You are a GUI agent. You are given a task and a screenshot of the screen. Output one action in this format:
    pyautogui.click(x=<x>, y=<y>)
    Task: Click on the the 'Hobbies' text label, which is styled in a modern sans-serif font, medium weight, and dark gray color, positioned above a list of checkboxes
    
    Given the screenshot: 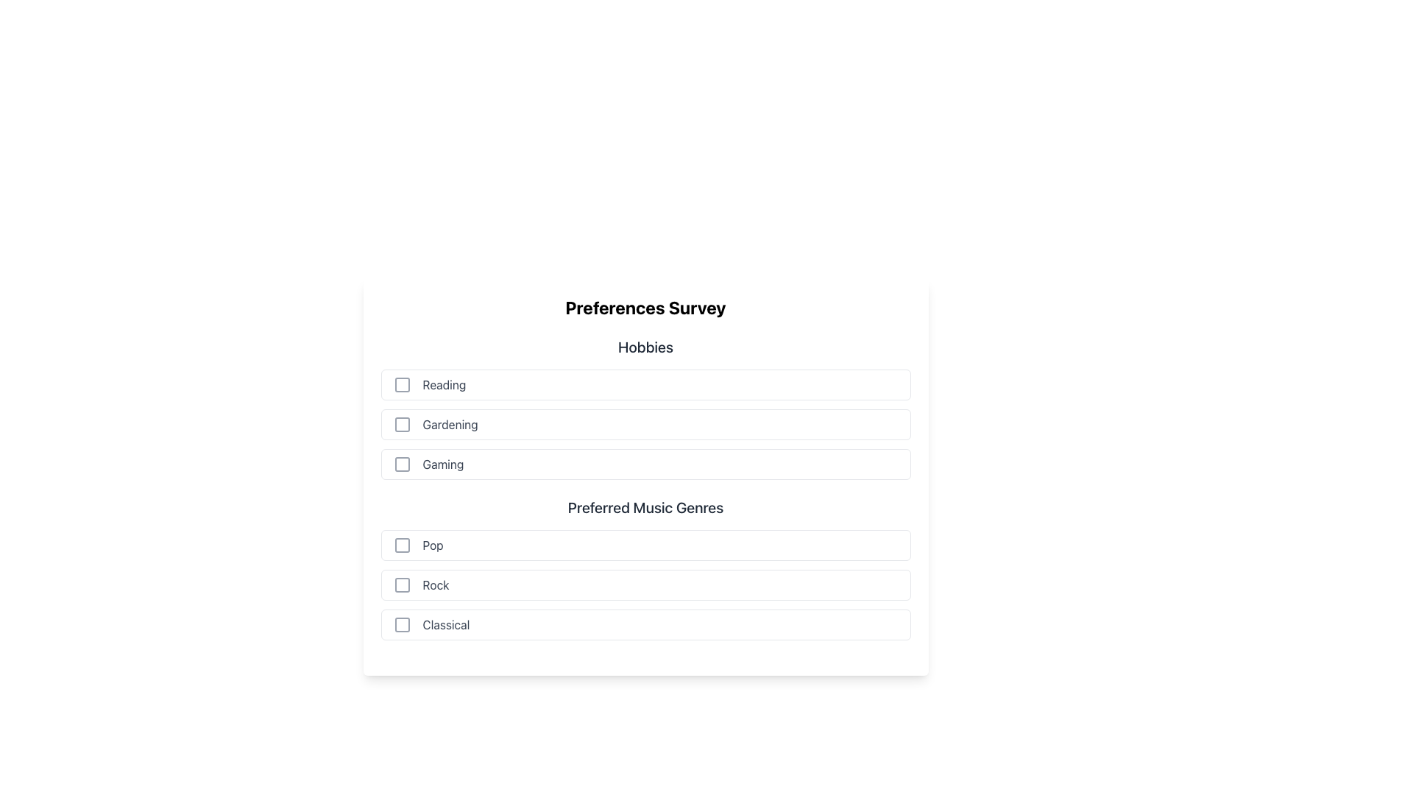 What is the action you would take?
    pyautogui.click(x=645, y=347)
    